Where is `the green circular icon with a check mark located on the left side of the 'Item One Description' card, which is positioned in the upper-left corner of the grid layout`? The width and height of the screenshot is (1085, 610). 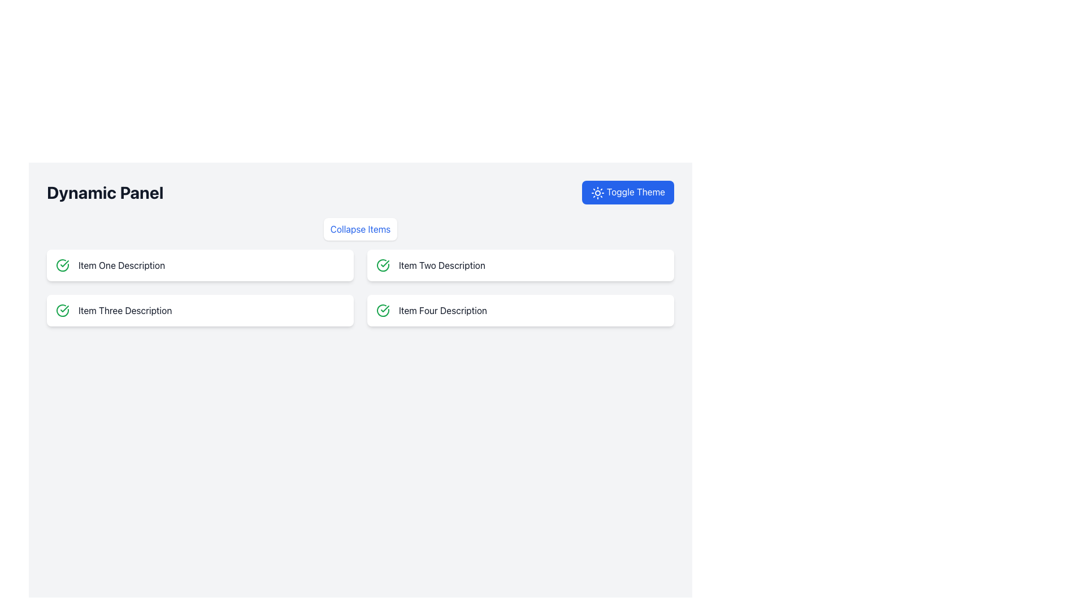
the green circular icon with a check mark located on the left side of the 'Item One Description' card, which is positioned in the upper-left corner of the grid layout is located at coordinates (62, 265).